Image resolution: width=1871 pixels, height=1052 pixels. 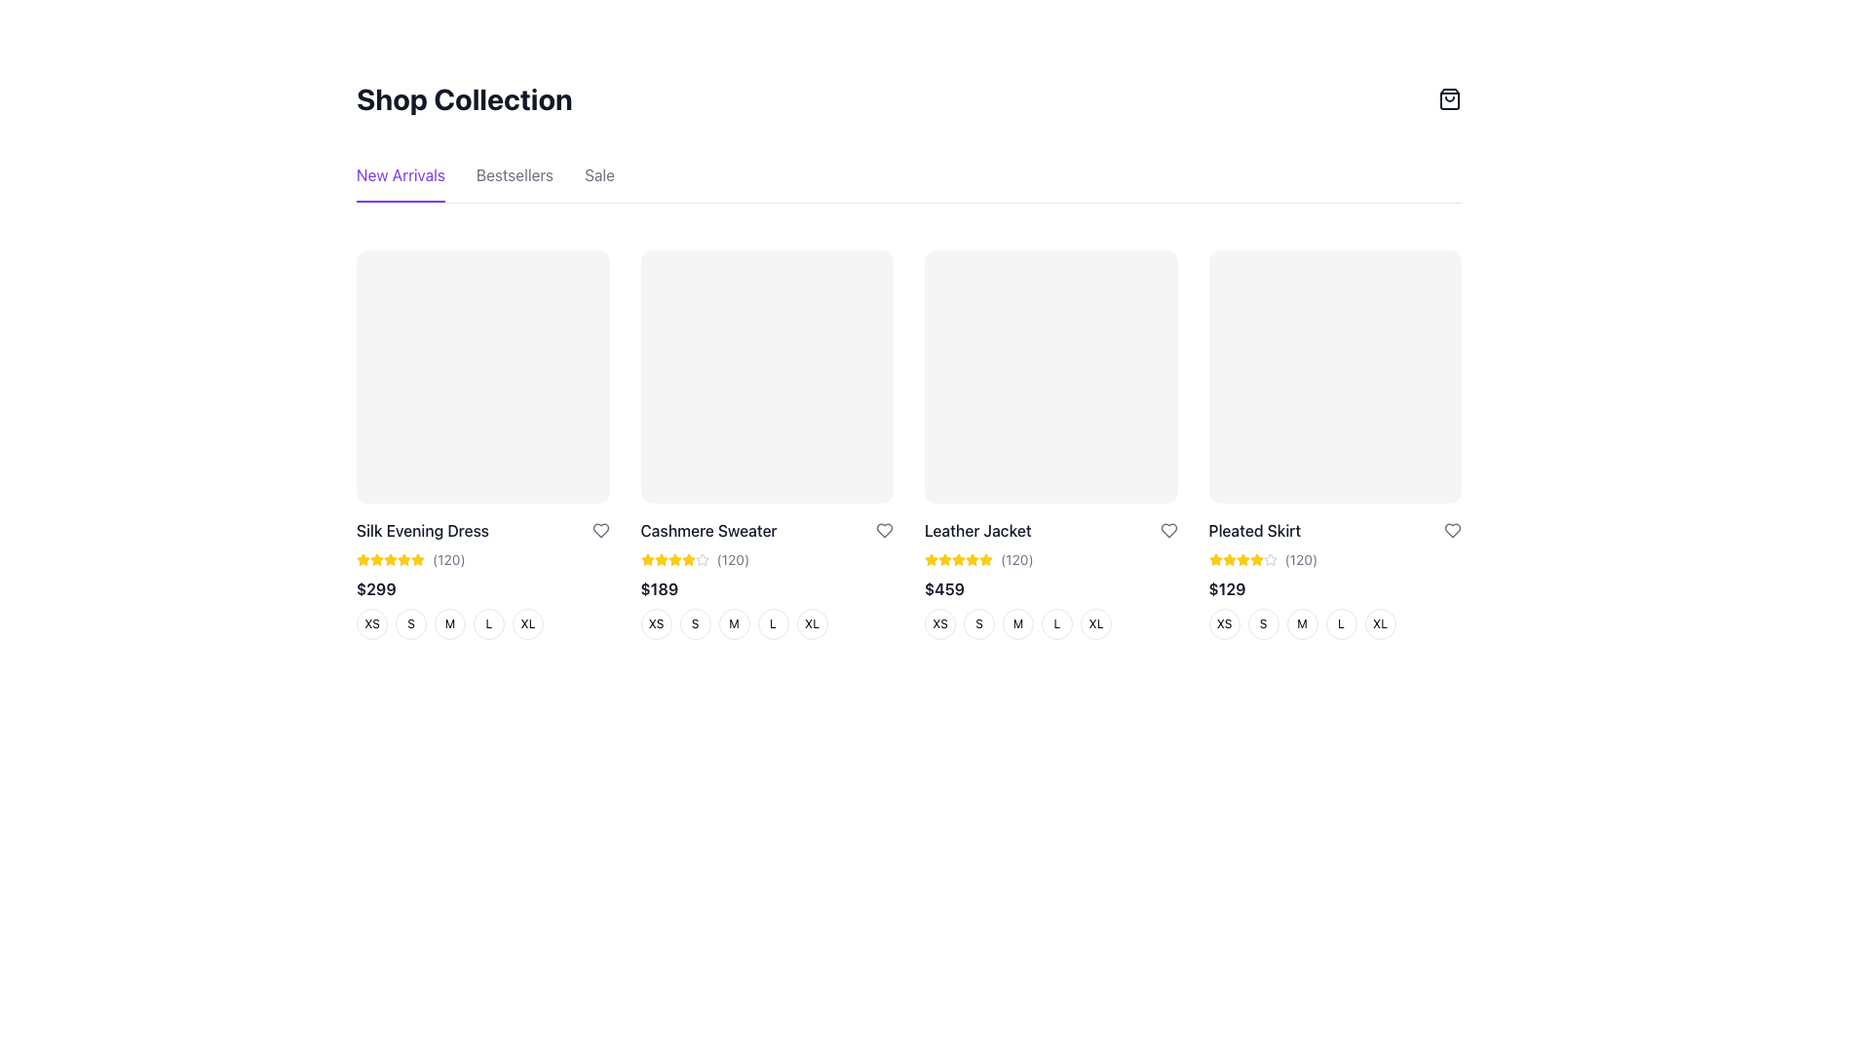 What do you see at coordinates (1241, 559) in the screenshot?
I see `the fourth yellow star icon in the rating system located below the 'Pleated Skirt' product card to interact with the rating` at bounding box center [1241, 559].